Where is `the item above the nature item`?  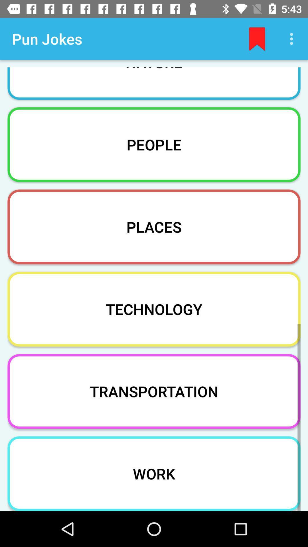
the item above the nature item is located at coordinates (293, 38).